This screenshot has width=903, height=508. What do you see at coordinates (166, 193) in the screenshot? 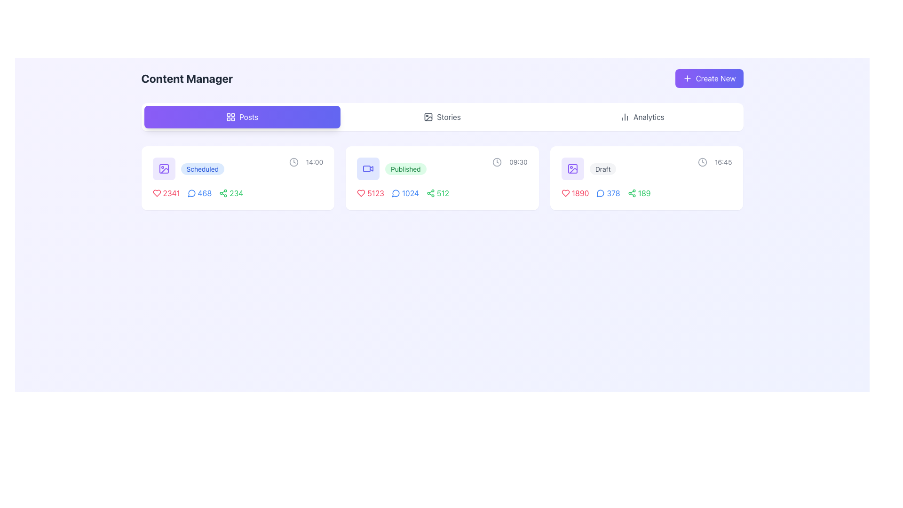
I see `number of likes or favorites displayed by the Text Value with Icon located at the top-left corner of the statistics row in the 'Scheduled' post card` at bounding box center [166, 193].